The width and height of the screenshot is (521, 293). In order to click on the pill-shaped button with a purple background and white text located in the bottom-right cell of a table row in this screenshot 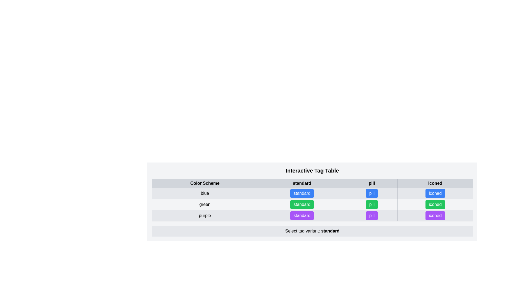, I will do `click(371, 215)`.